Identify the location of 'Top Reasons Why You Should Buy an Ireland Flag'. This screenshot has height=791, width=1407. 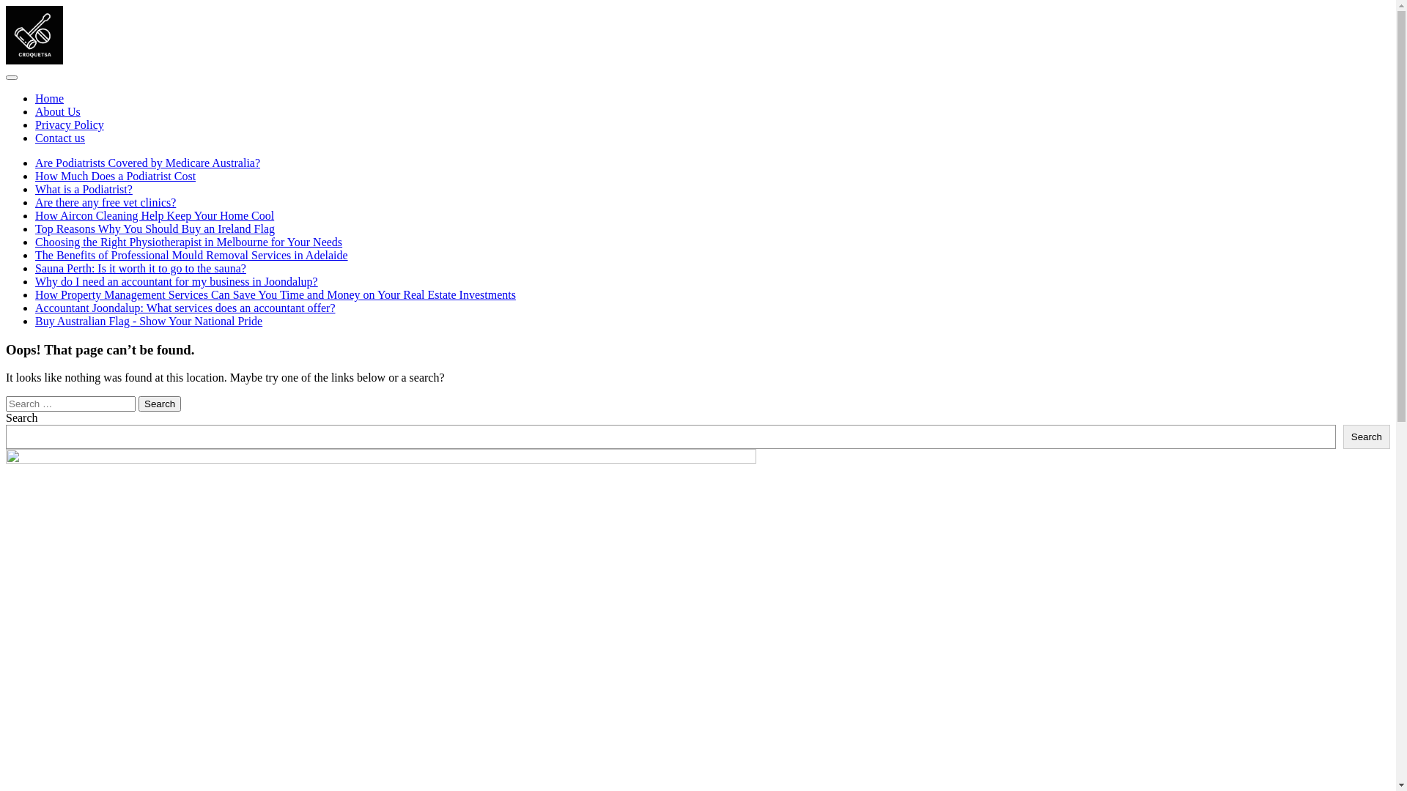
(155, 229).